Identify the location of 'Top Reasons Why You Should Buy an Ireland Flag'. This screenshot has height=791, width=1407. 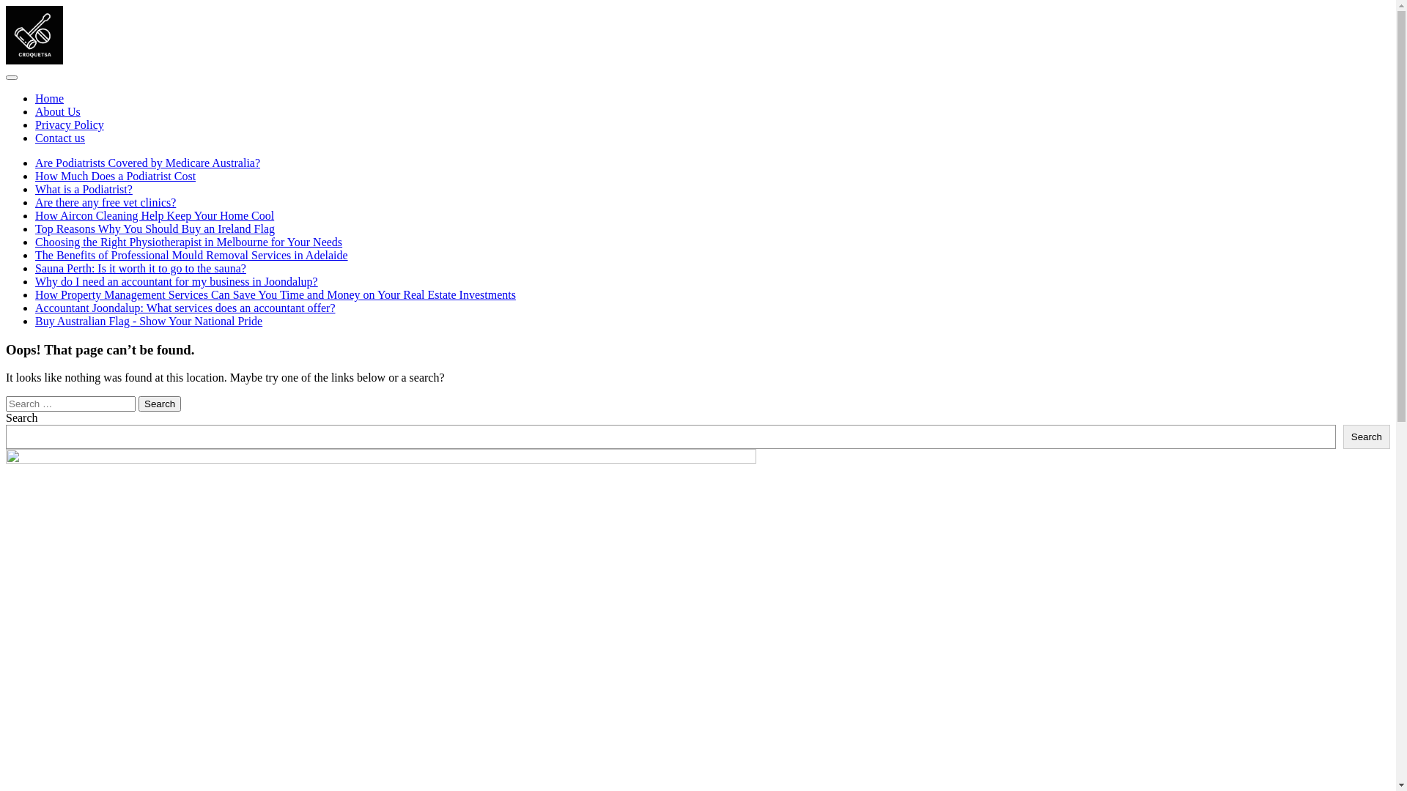
(155, 229).